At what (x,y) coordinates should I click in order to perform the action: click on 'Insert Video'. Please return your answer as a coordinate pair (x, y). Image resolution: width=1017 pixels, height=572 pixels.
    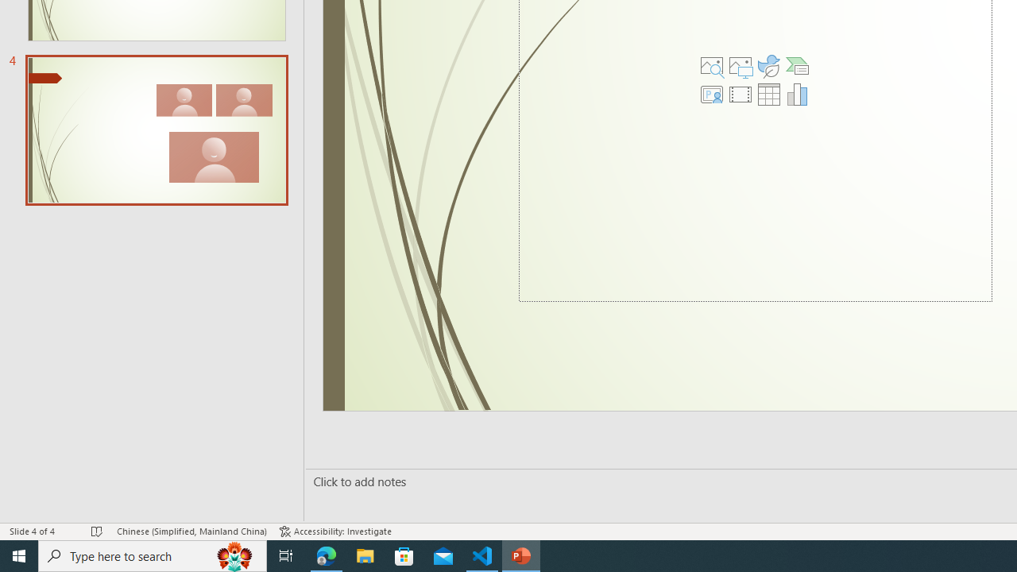
    Looking at the image, I should click on (740, 95).